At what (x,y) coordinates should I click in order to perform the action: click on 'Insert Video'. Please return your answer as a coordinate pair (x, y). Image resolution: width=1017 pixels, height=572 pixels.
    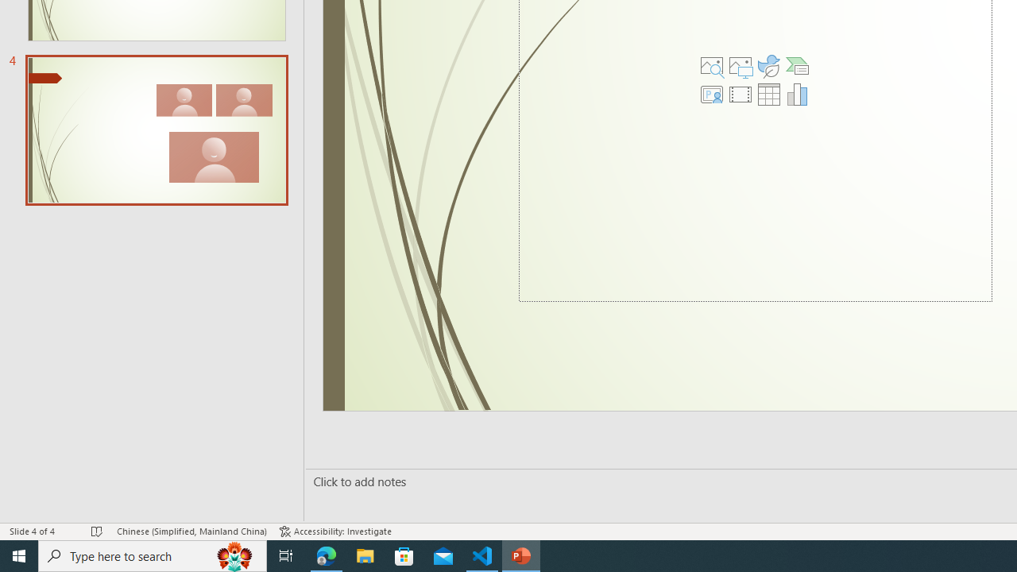
    Looking at the image, I should click on (740, 95).